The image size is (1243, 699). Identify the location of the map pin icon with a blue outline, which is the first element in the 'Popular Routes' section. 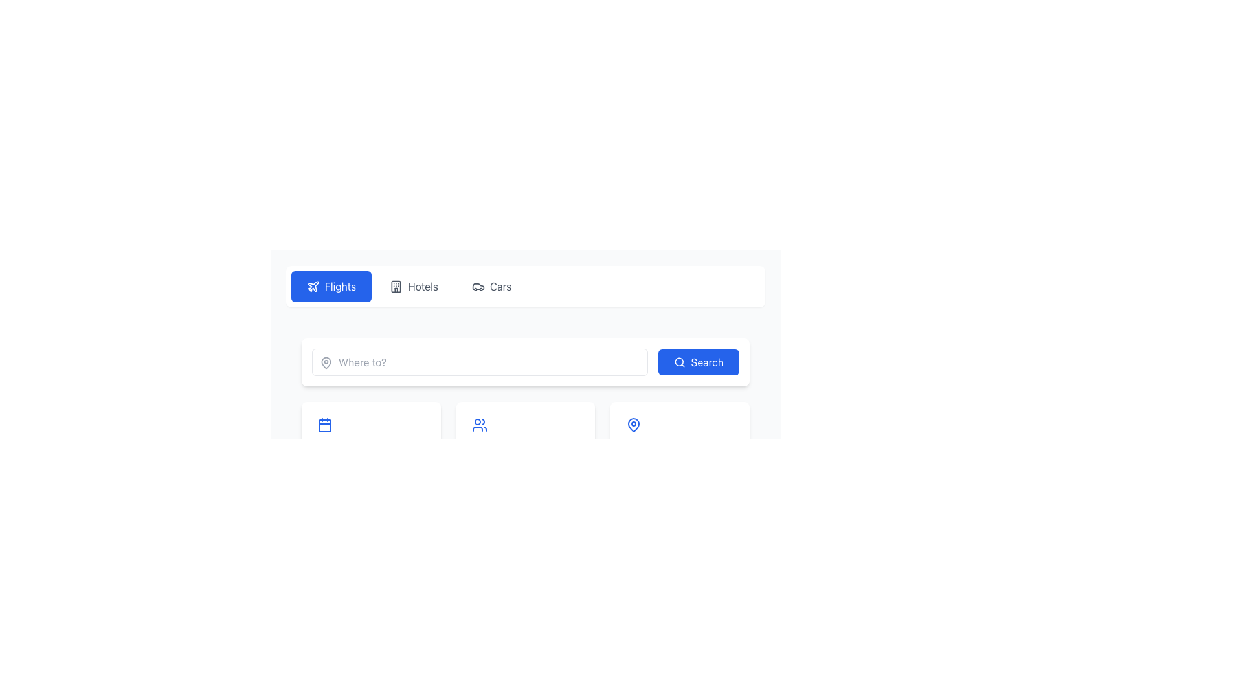
(634, 425).